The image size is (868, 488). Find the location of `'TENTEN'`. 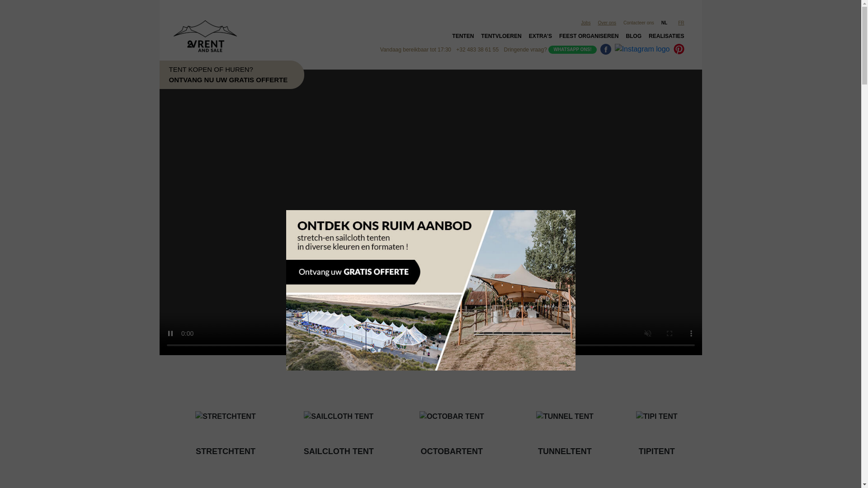

'TENTEN' is located at coordinates (462, 38).